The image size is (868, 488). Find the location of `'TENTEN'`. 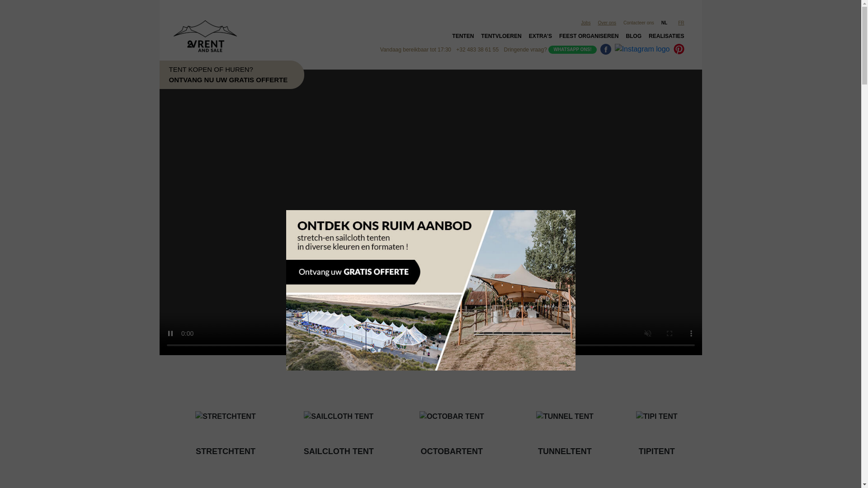

'TENTEN' is located at coordinates (462, 38).